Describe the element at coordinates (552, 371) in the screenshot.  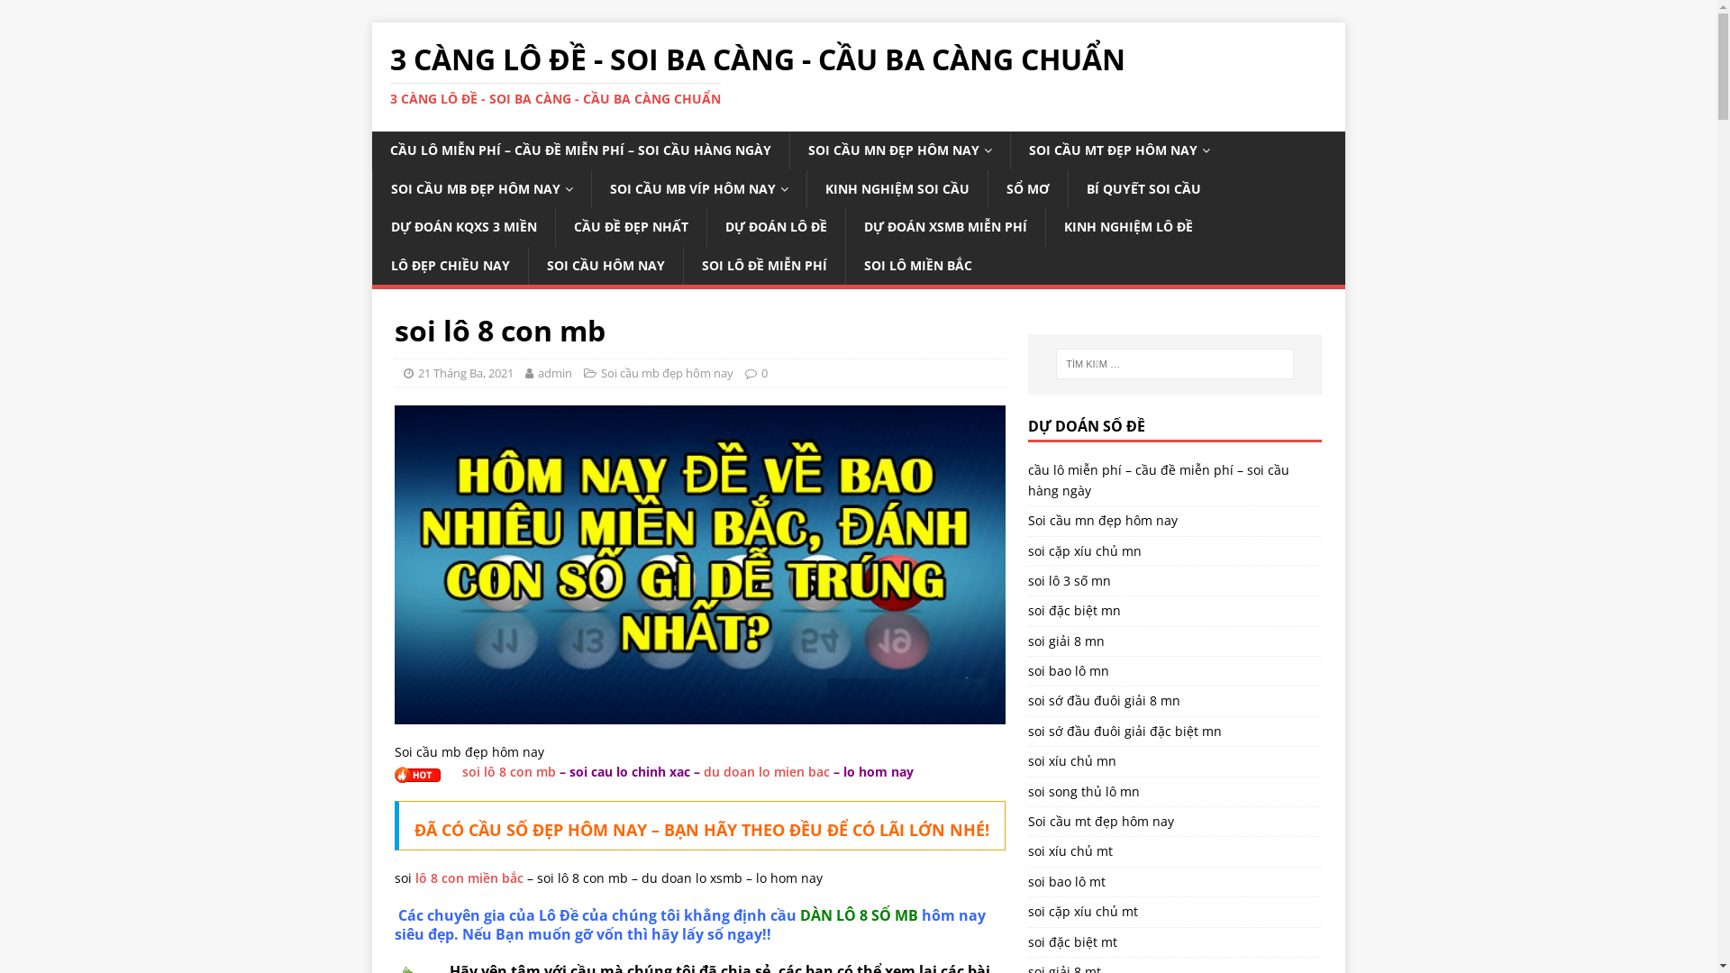
I see `'admin'` at that location.